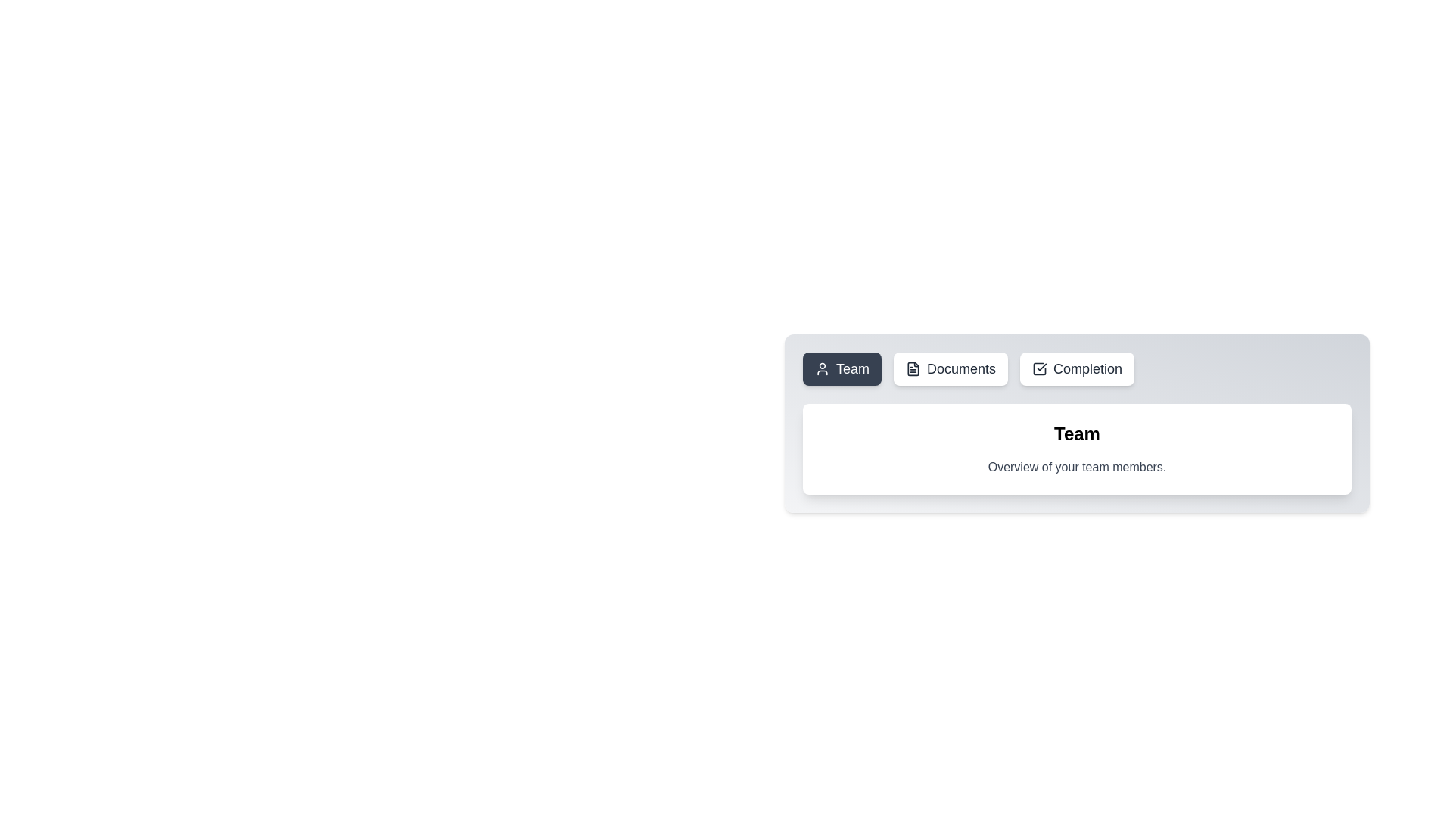 This screenshot has height=817, width=1453. Describe the element at coordinates (913, 369) in the screenshot. I see `the 'Documents' button in the navigation bar, which contains a small icon resembling a document or file design` at that location.